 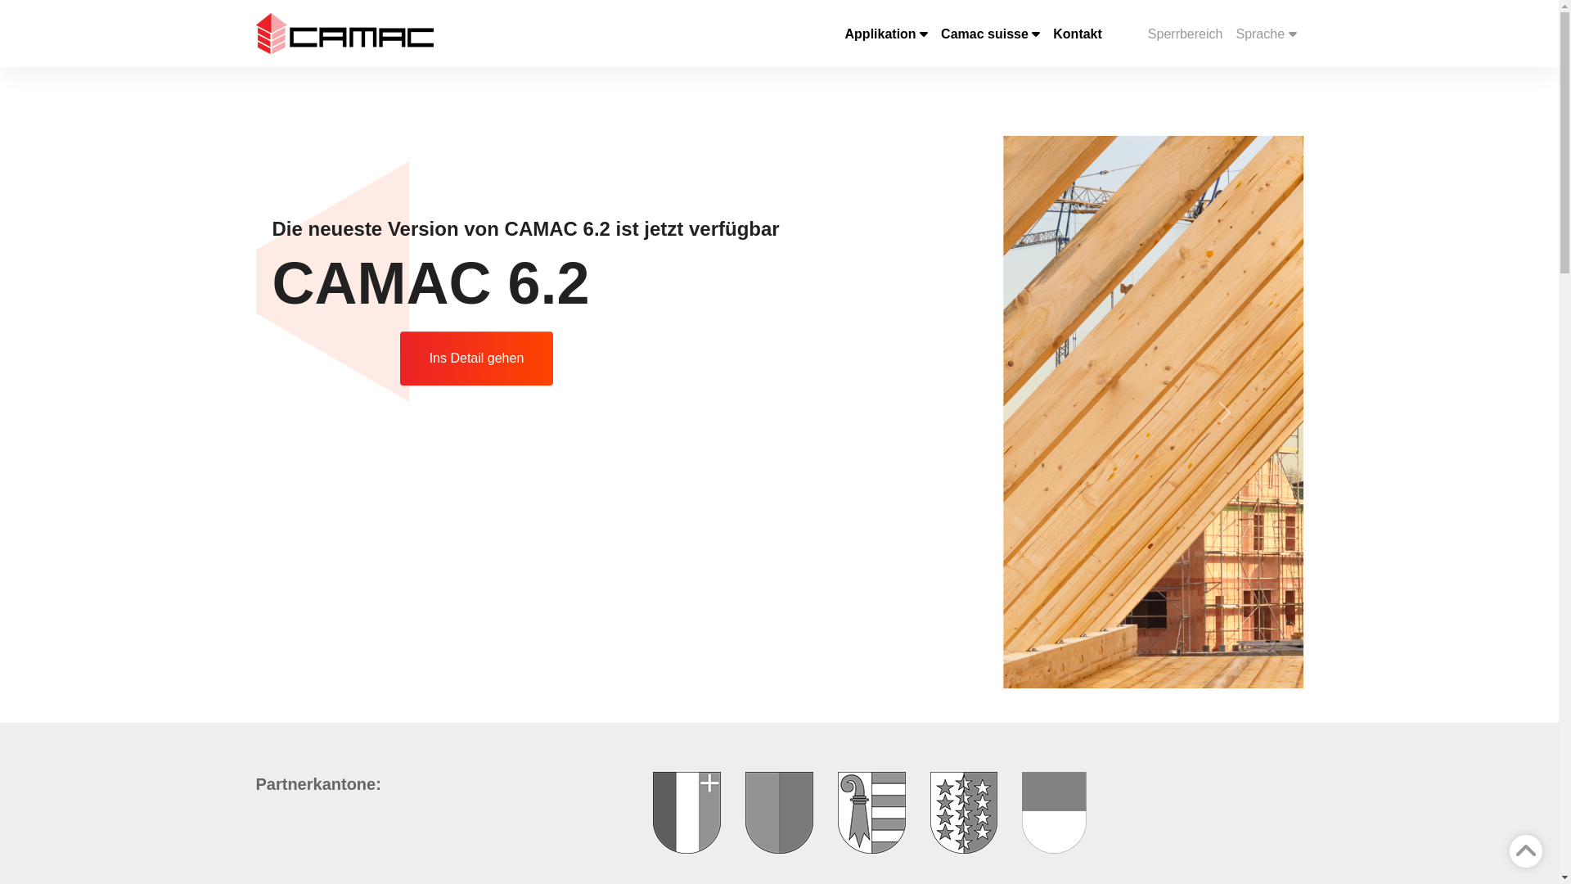 I want to click on 'Previous', so click(x=333, y=411).